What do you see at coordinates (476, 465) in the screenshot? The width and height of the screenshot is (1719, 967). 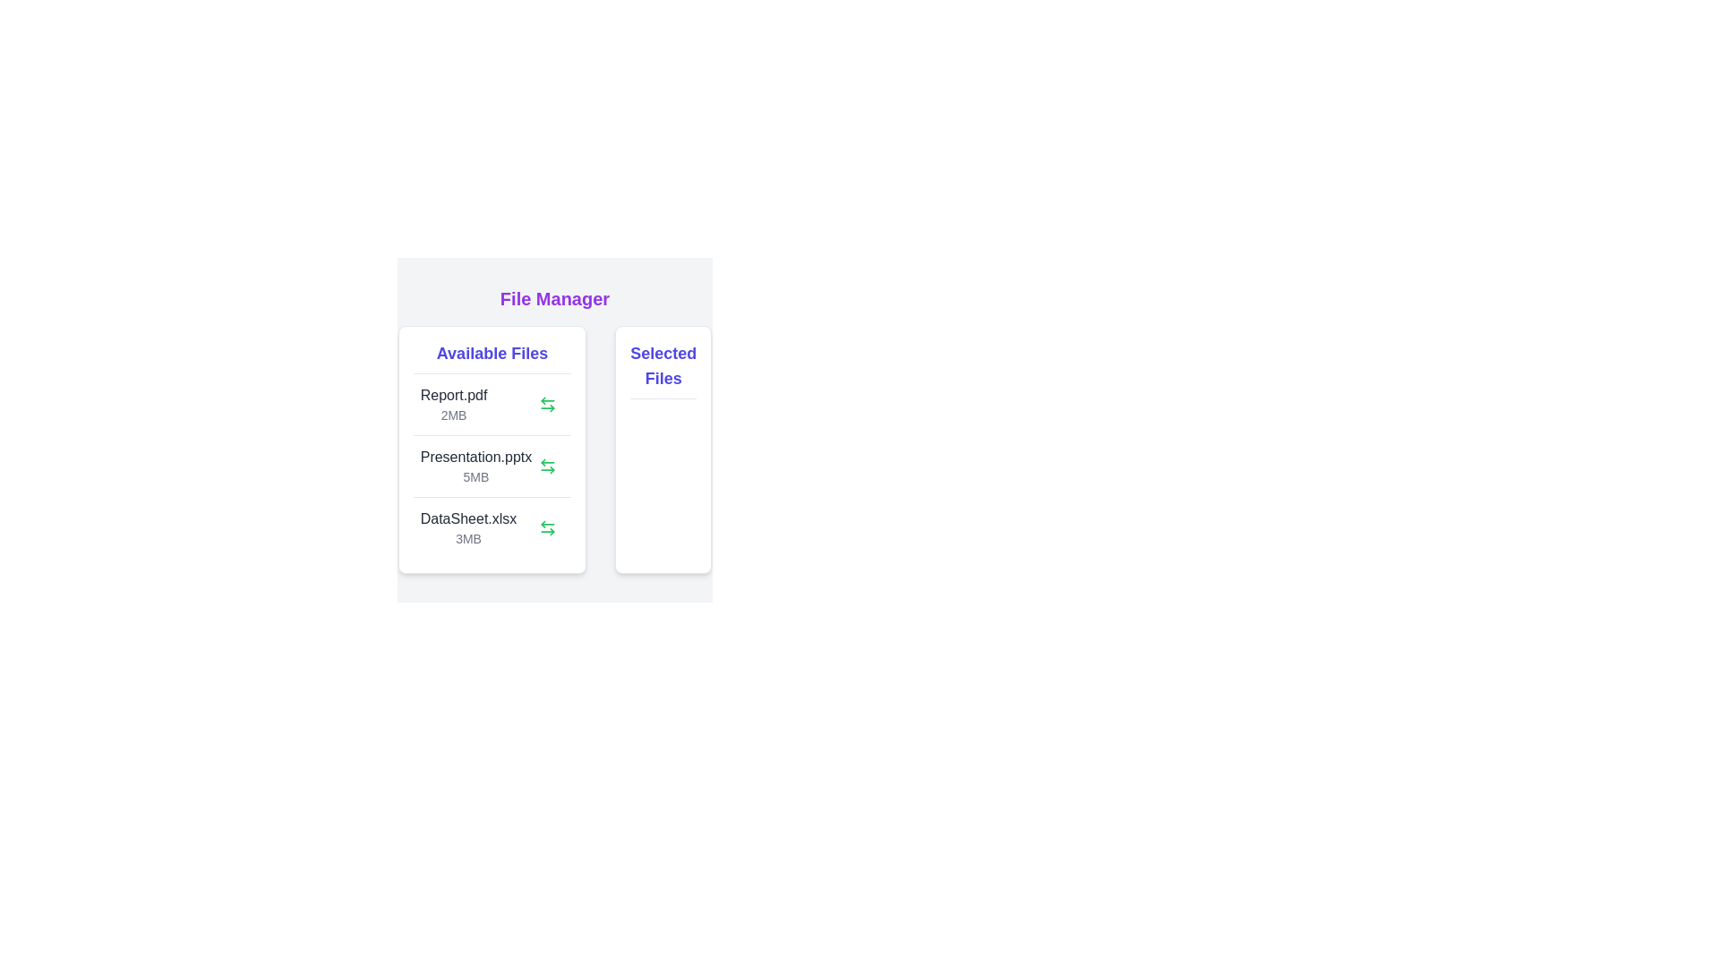 I see `the second file item in the 'Available Files' column` at bounding box center [476, 465].